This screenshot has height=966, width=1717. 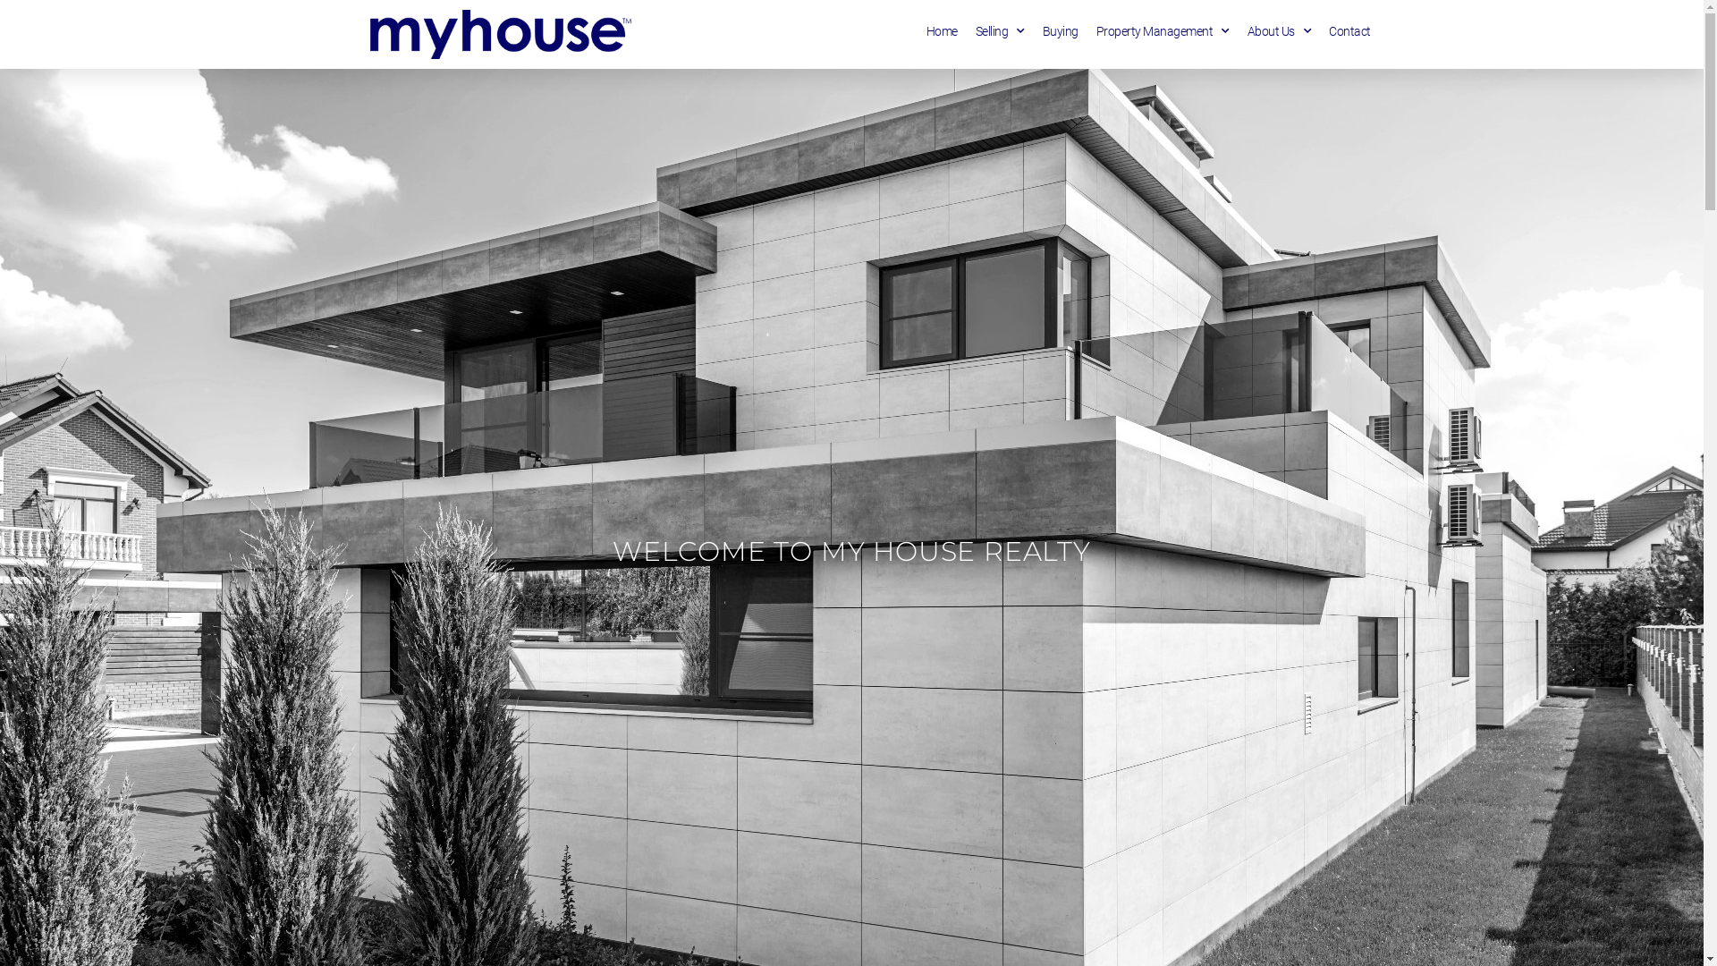 I want to click on 'About Us', so click(x=1278, y=30).